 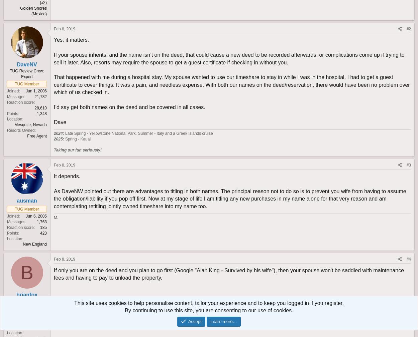 What do you see at coordinates (20, 10) in the screenshot?
I see `'Golden Shores (Mexico)'` at bounding box center [20, 10].